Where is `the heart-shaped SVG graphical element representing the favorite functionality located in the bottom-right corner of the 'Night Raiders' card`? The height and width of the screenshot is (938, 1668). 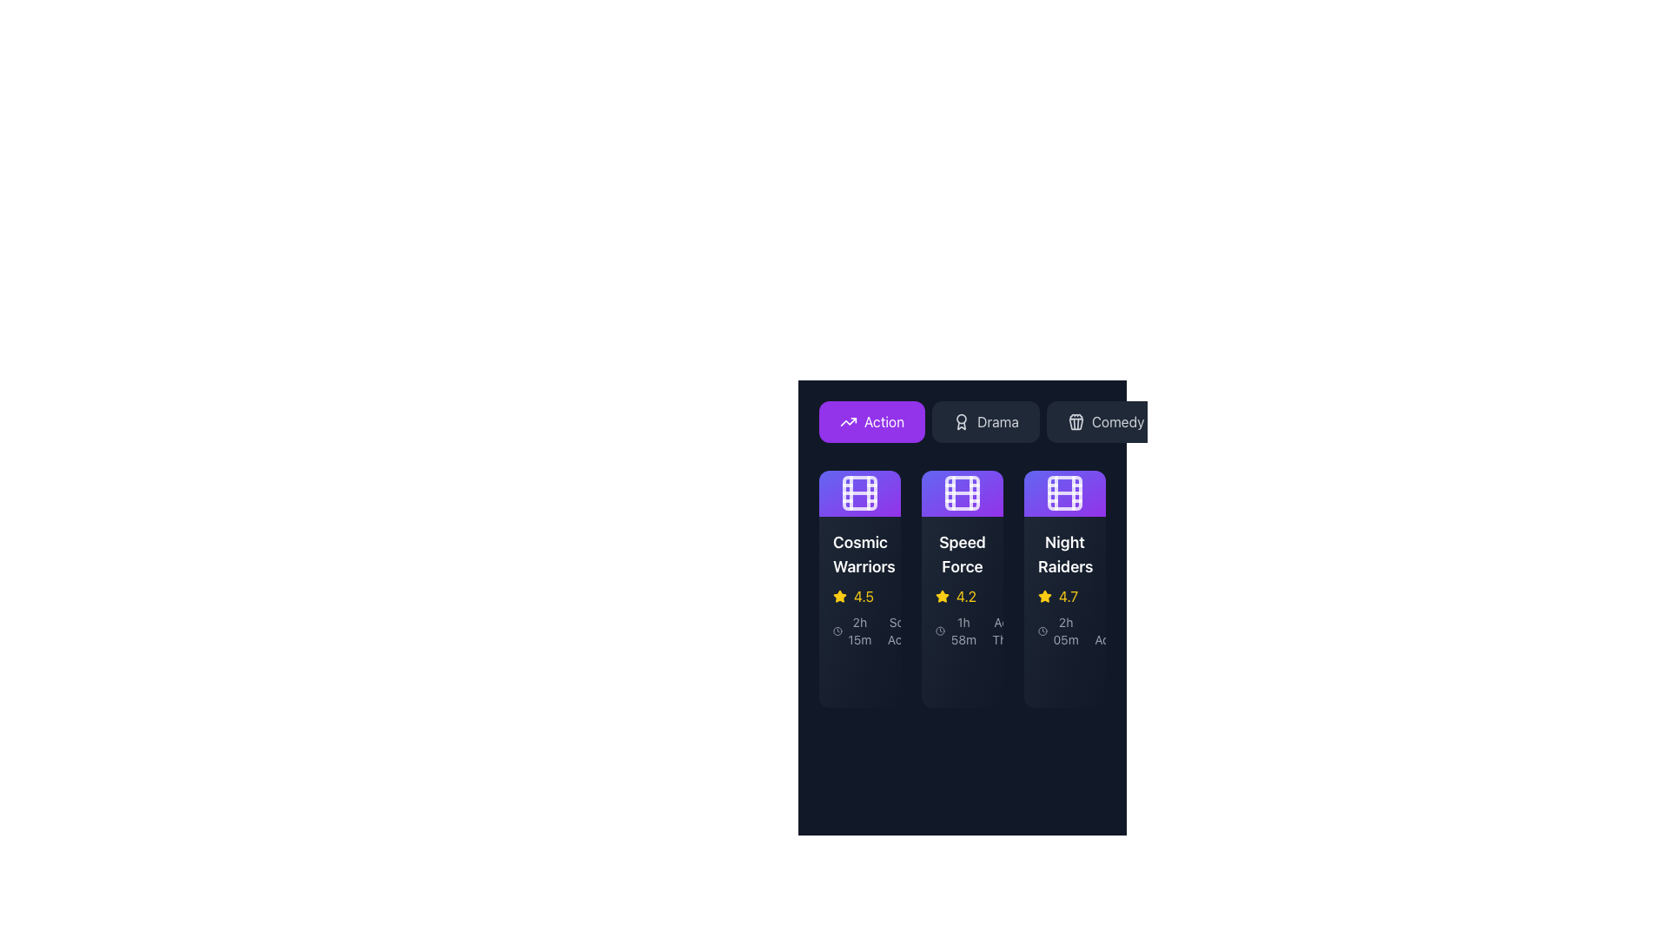 the heart-shaped SVG graphical element representing the favorite functionality located in the bottom-right corner of the 'Night Raiders' card is located at coordinates (1026, 675).